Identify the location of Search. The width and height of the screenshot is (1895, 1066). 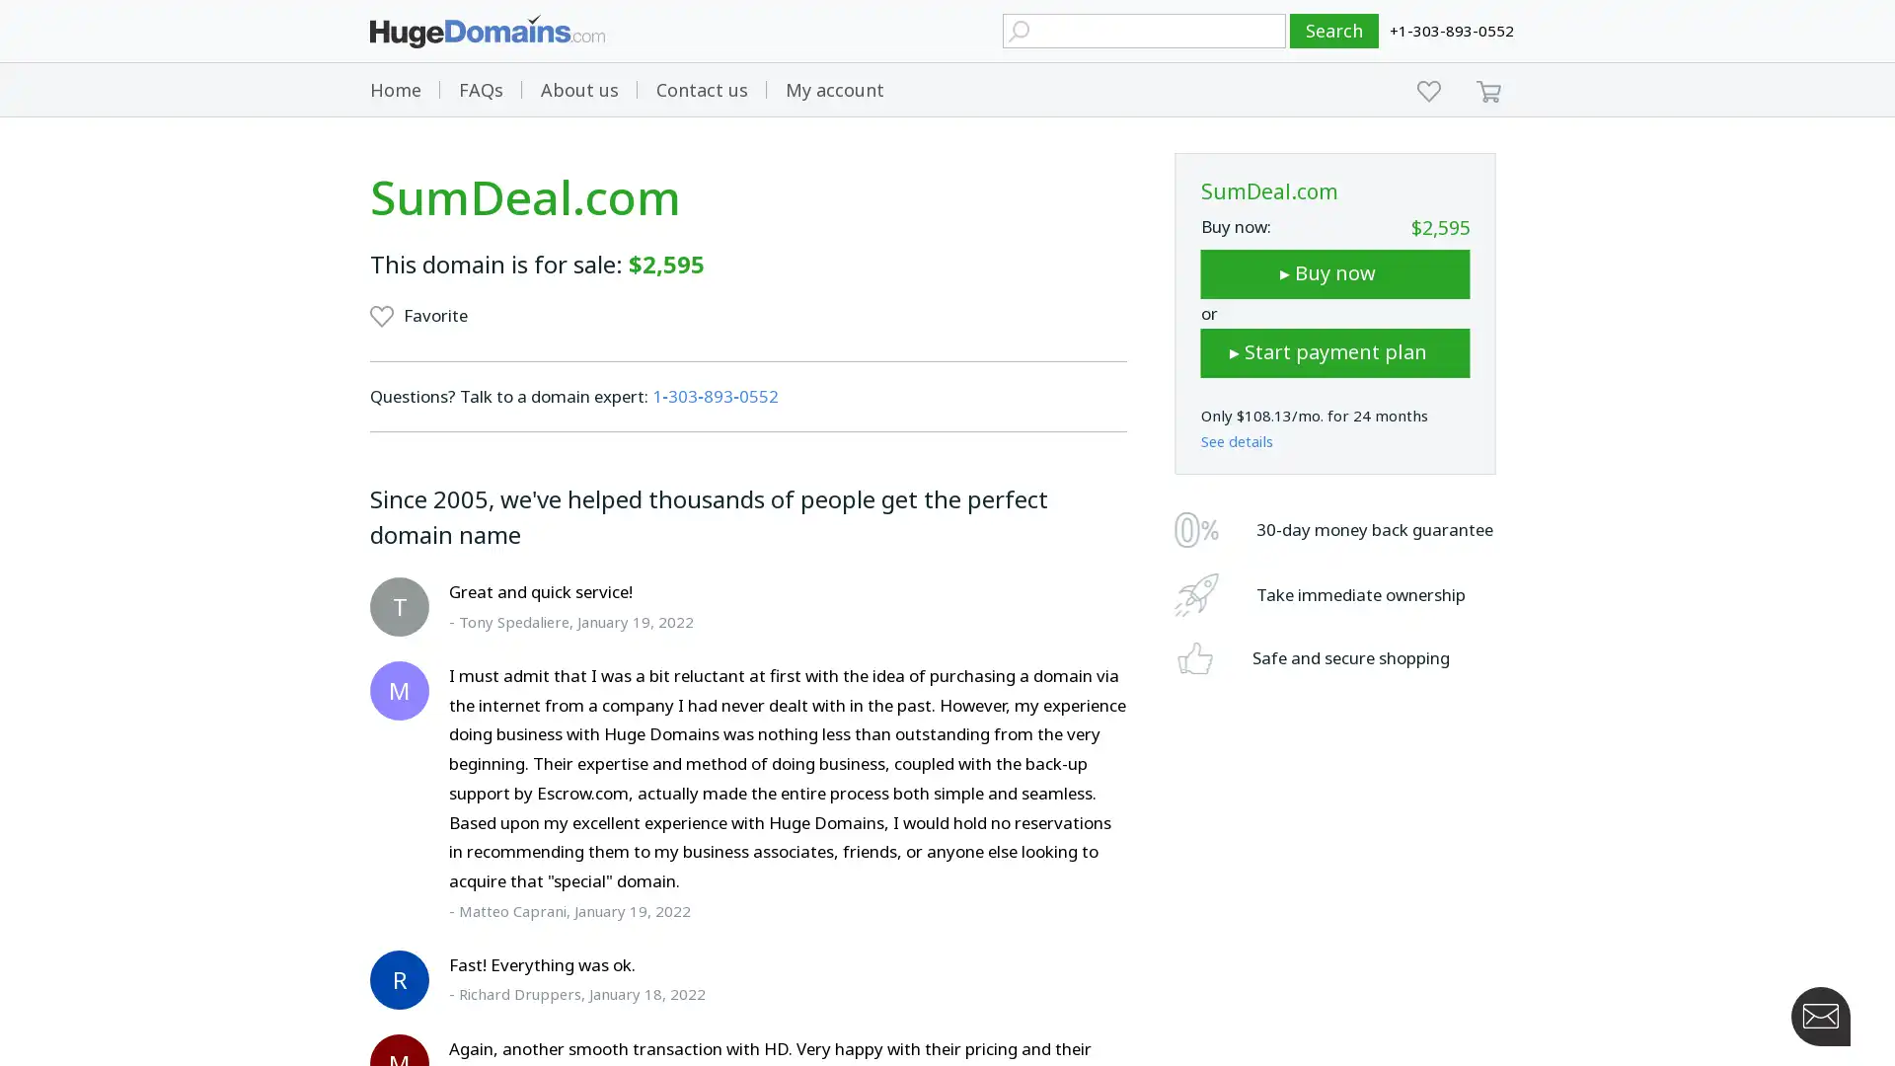
(1334, 31).